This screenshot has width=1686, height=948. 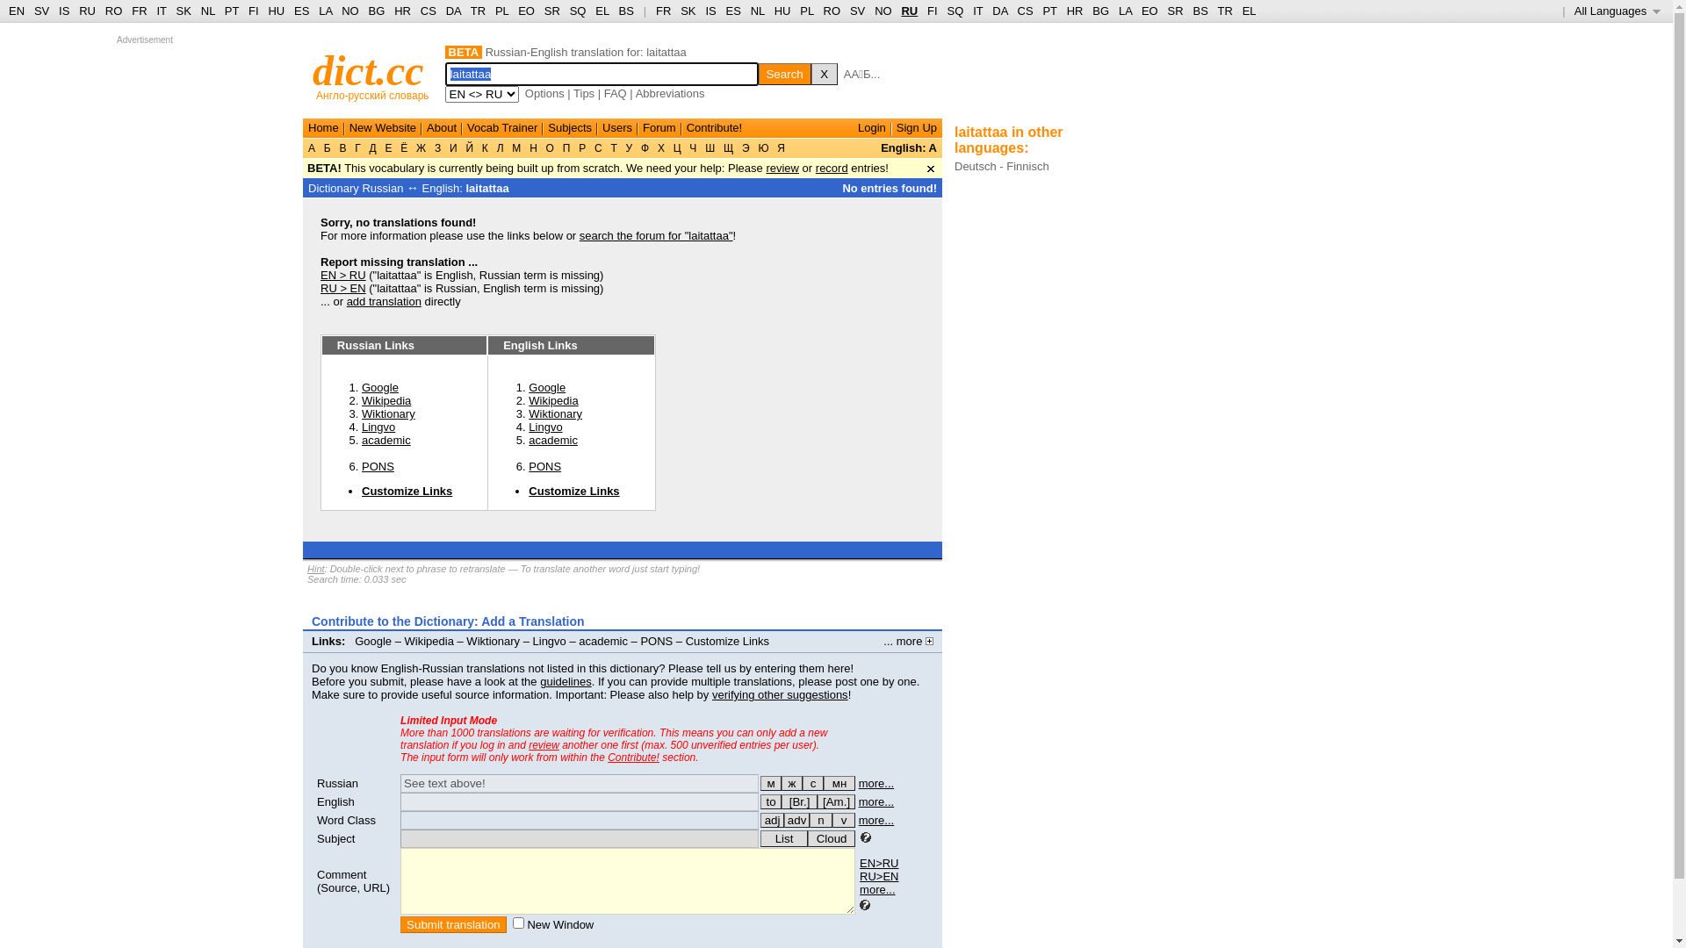 I want to click on 'SR', so click(x=1176, y=11).